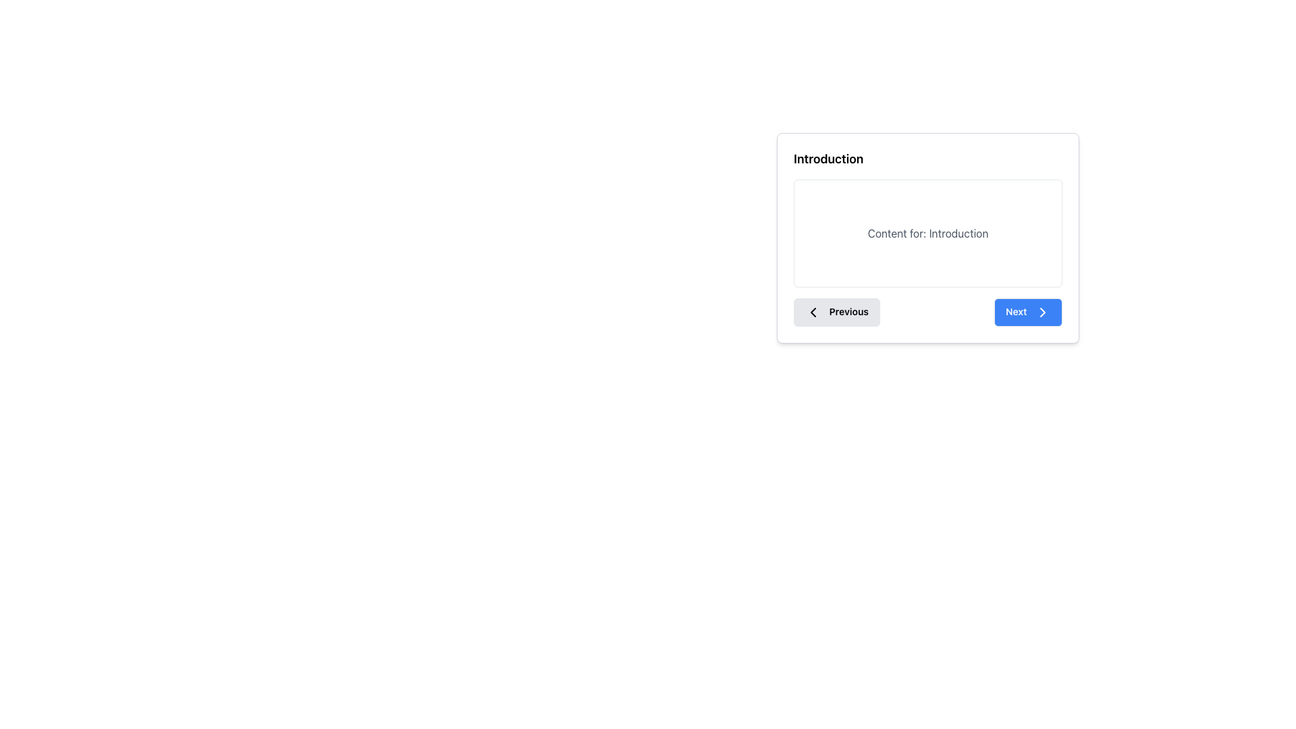  What do you see at coordinates (1042, 312) in the screenshot?
I see `the right-arrow chevron icon located to the right of the 'Next' button` at bounding box center [1042, 312].